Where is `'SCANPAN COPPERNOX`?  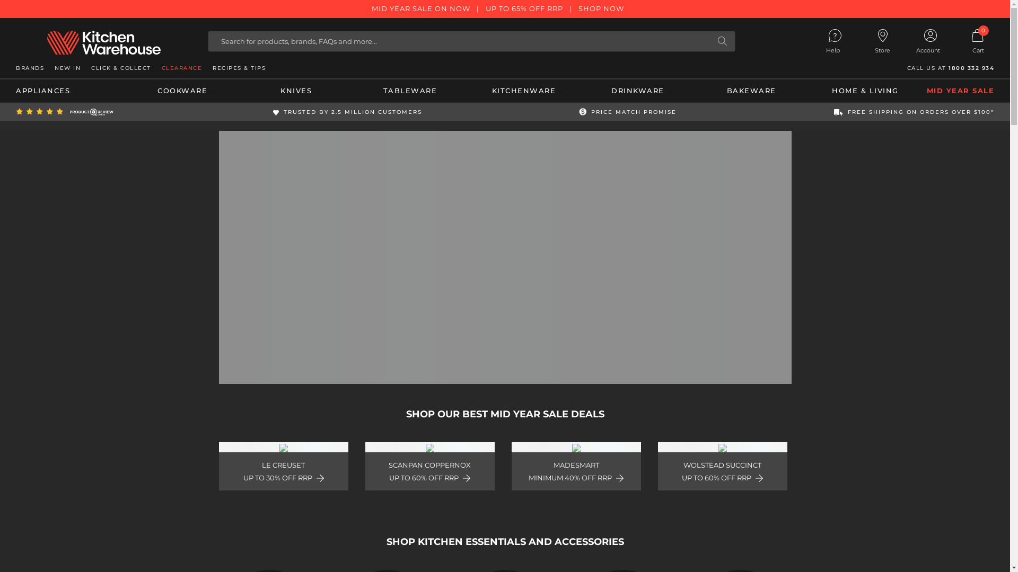
'SCANPAN COPPERNOX is located at coordinates (429, 466).